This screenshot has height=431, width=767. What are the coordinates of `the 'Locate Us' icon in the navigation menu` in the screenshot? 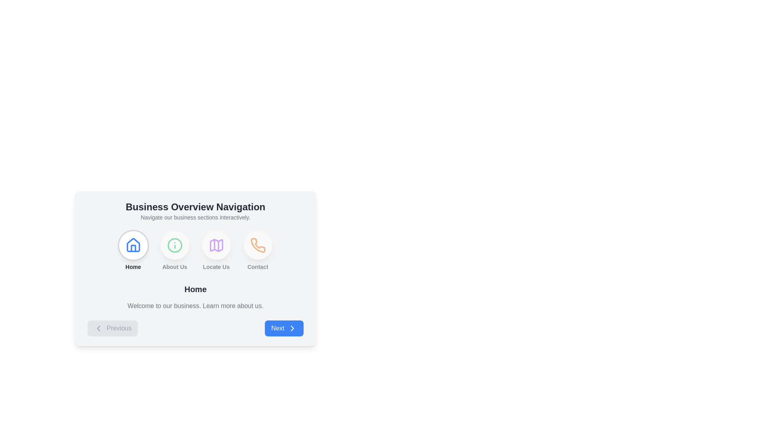 It's located at (216, 245).